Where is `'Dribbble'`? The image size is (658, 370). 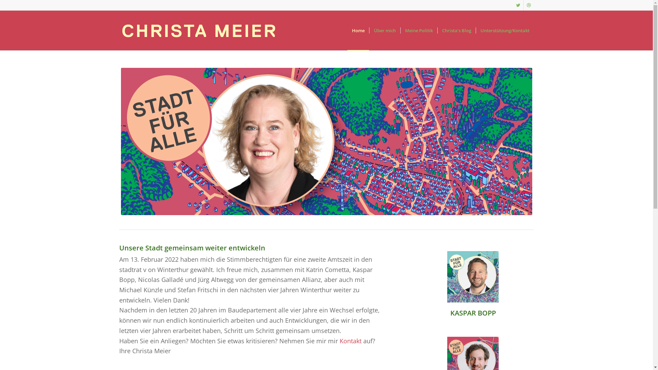 'Dribbble' is located at coordinates (528, 5).